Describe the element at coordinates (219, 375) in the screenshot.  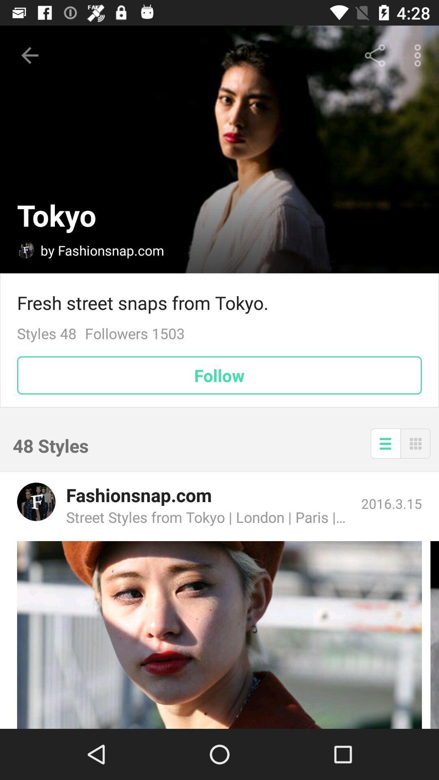
I see `the icon below styles 48` at that location.